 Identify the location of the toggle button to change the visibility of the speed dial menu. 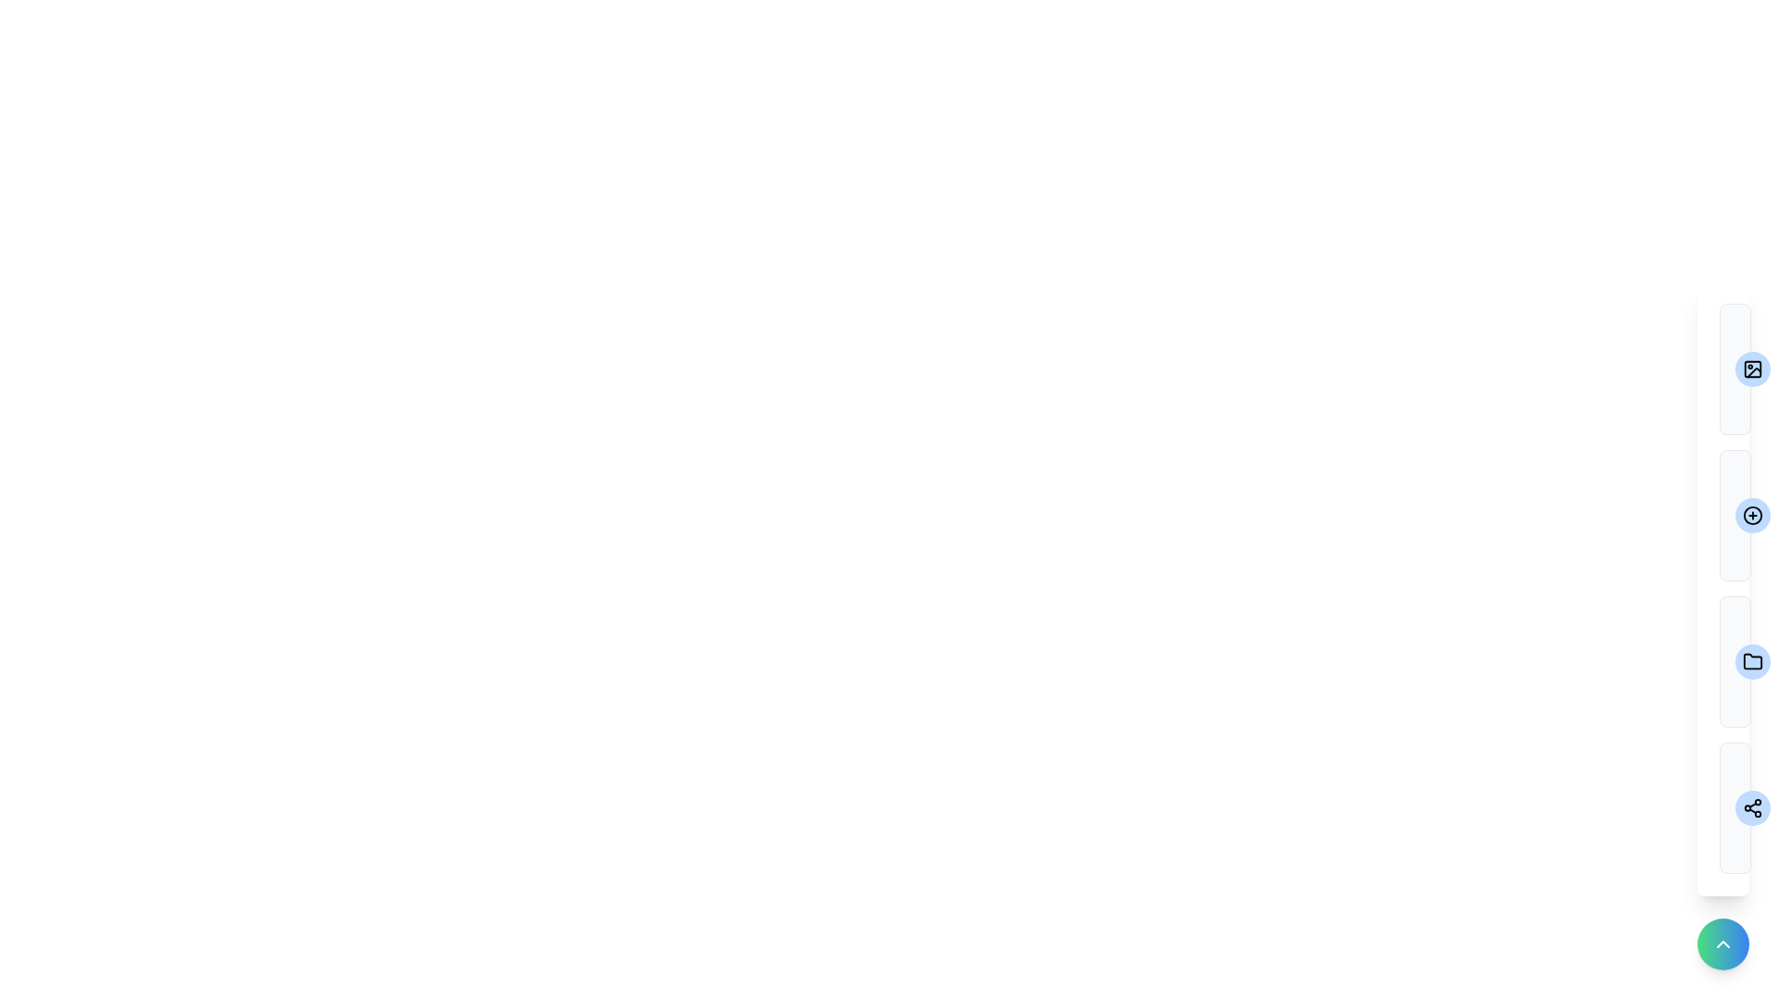
(1722, 944).